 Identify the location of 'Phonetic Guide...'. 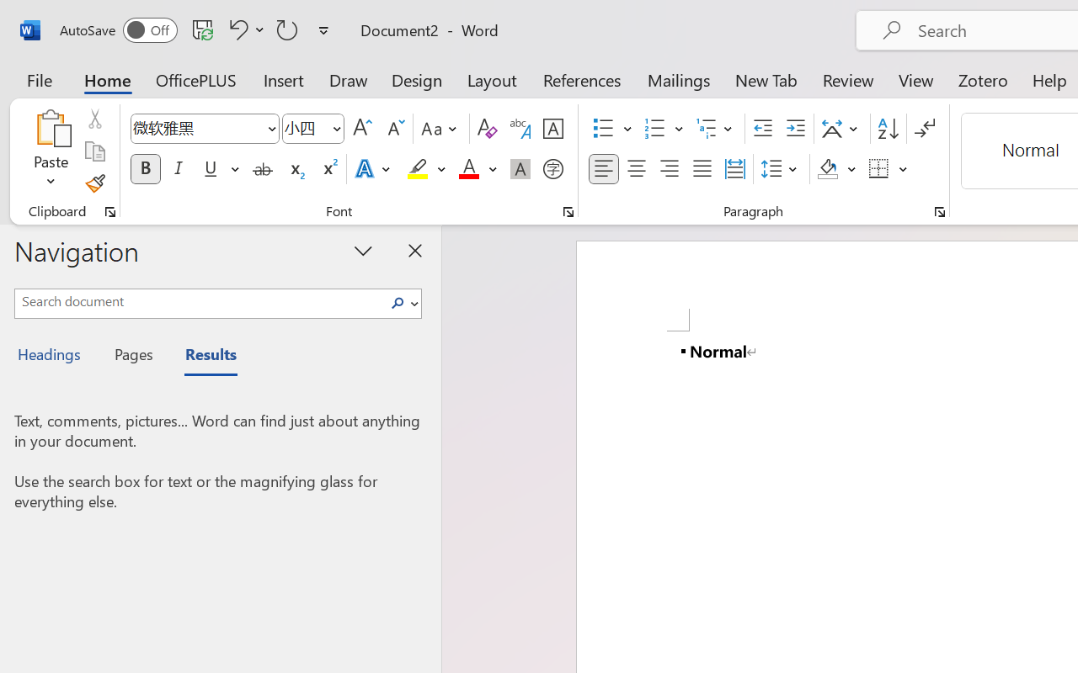
(520, 129).